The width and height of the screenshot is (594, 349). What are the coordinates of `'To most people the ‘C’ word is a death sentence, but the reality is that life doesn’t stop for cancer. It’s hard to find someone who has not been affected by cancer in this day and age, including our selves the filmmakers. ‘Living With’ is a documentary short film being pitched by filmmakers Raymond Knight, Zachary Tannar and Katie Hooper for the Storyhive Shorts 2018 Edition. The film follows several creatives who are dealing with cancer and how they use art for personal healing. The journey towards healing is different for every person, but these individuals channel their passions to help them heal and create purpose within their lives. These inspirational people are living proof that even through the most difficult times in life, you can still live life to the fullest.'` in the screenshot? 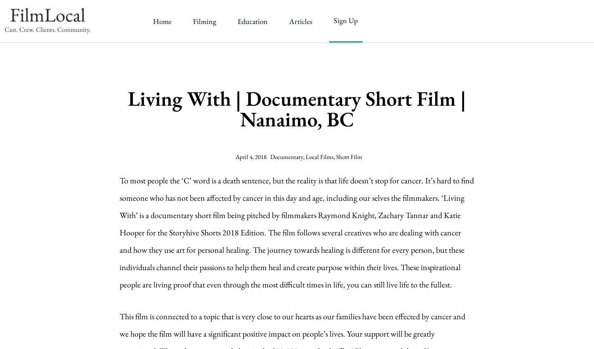 It's located at (297, 232).